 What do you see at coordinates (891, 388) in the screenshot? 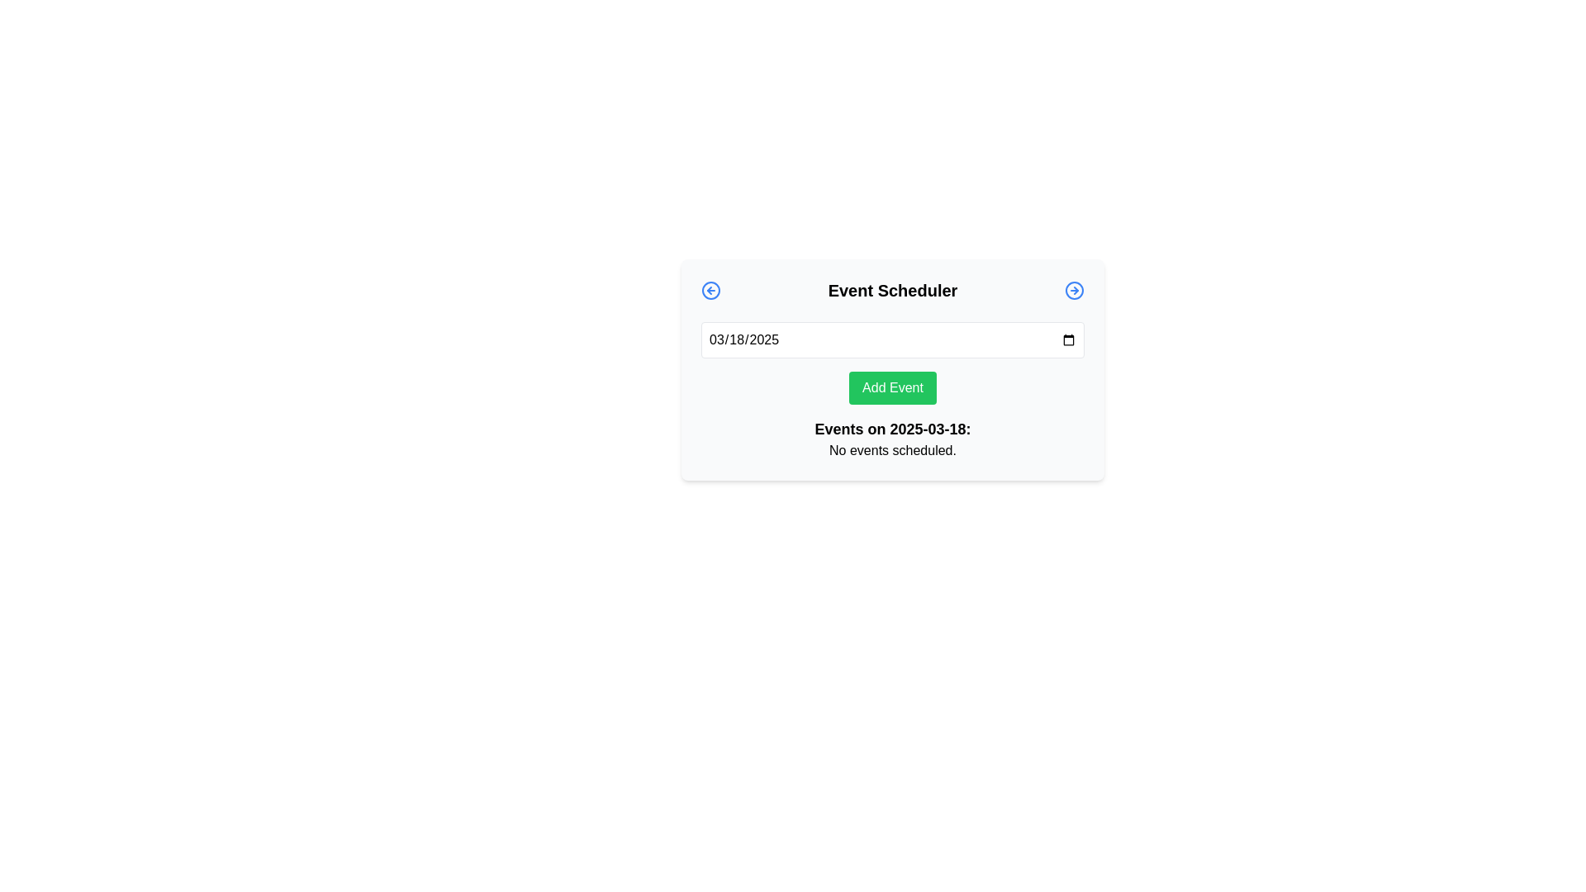
I see `the 'Add Event' button located centrally within the white card interface, directly below the date input field` at bounding box center [891, 388].